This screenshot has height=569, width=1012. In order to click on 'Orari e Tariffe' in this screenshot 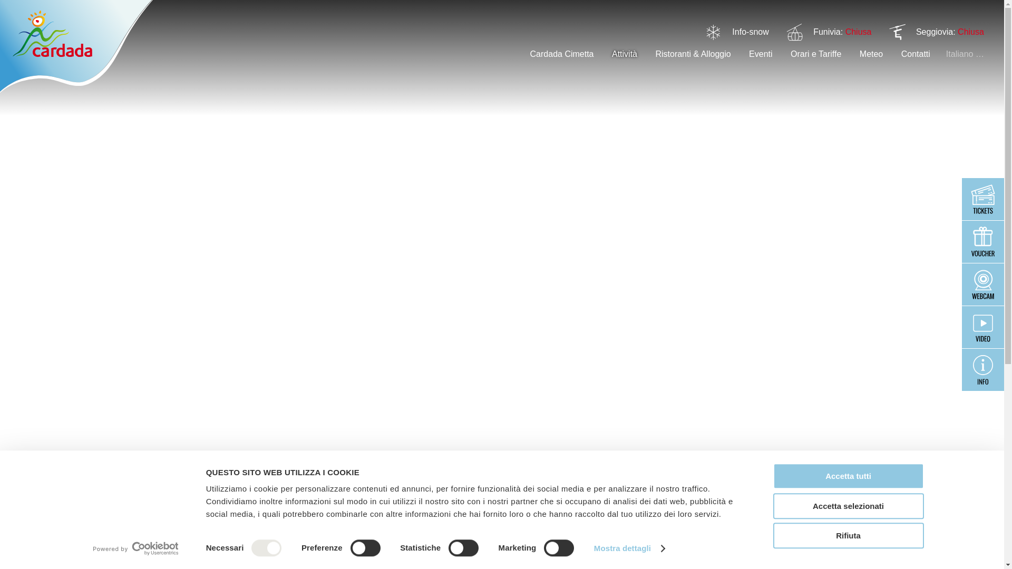, I will do `click(790, 54)`.